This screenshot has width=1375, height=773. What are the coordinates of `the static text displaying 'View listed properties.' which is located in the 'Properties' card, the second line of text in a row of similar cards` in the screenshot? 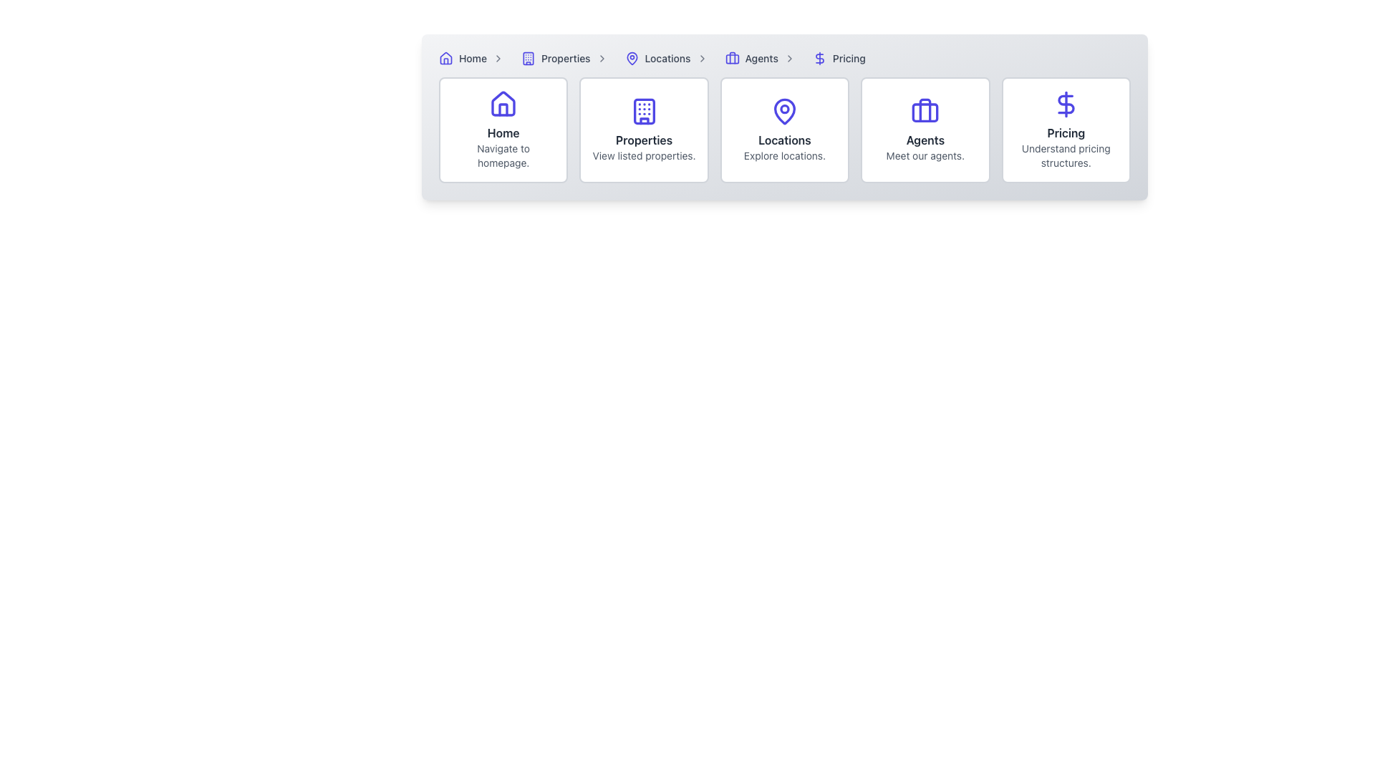 It's located at (643, 156).